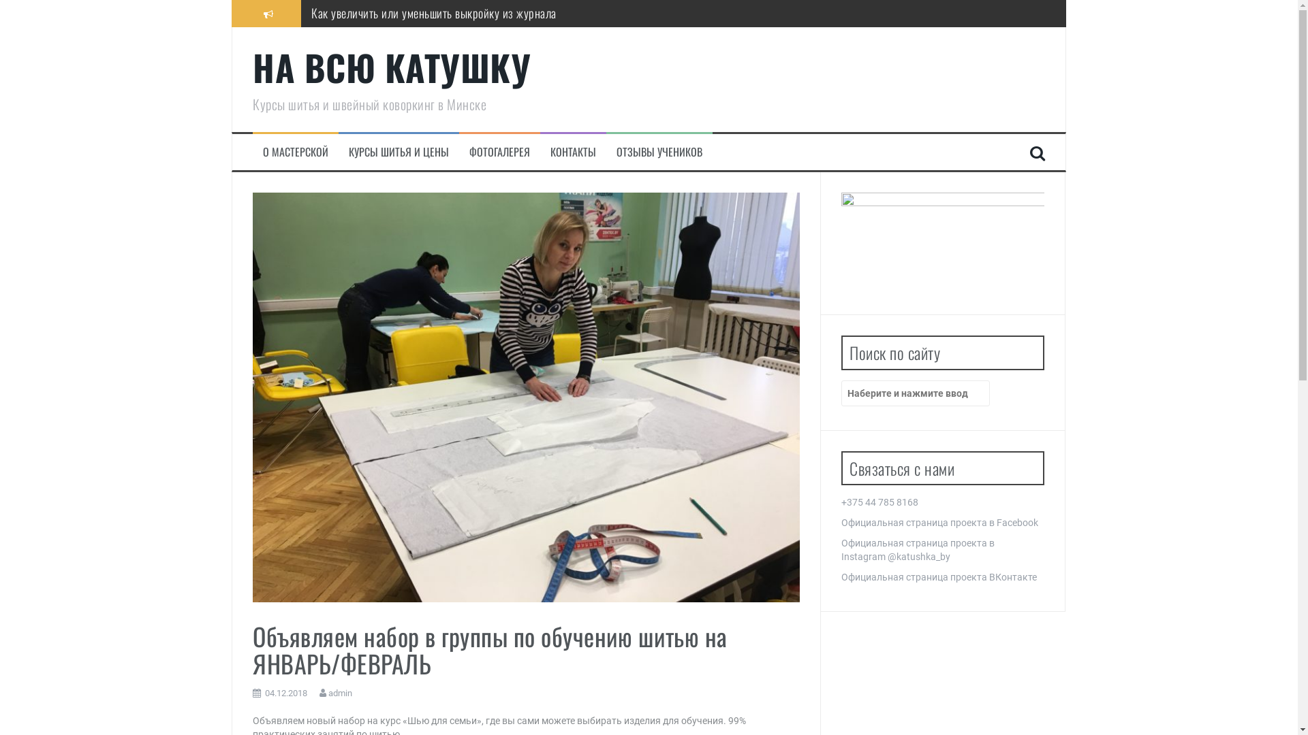  Describe the element at coordinates (285, 693) in the screenshot. I see `'04.12.2018'` at that location.